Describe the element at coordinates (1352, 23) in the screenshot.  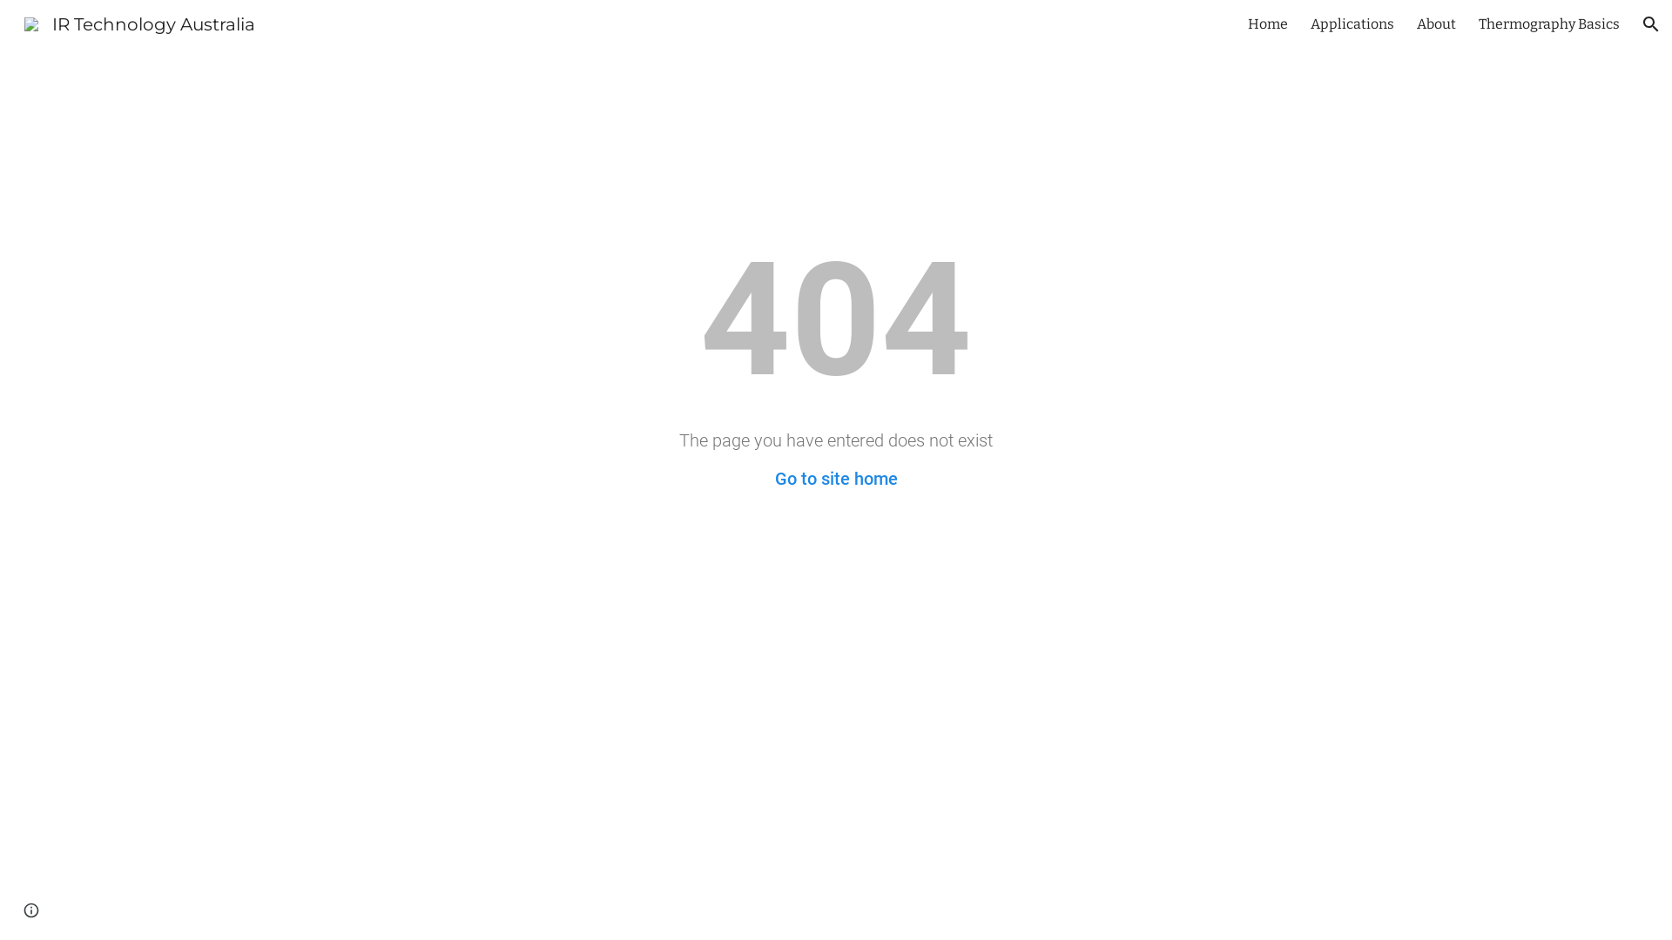
I see `'Applications'` at that location.